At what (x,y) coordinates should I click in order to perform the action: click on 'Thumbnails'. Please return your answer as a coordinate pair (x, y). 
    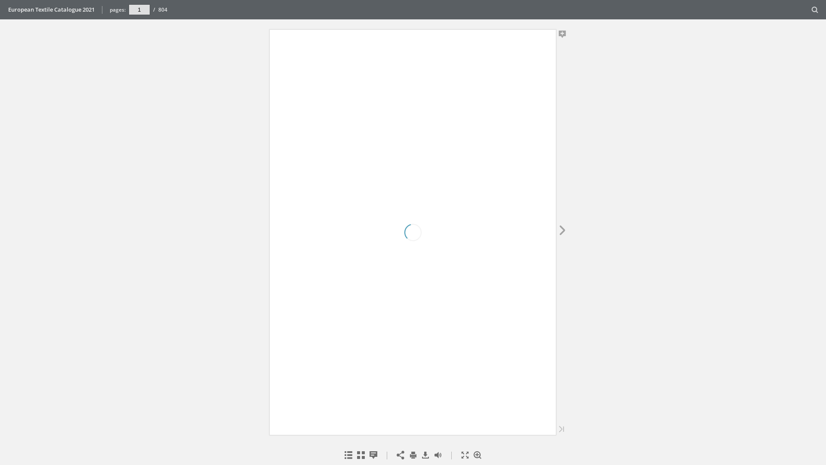
    Looking at the image, I should click on (361, 455).